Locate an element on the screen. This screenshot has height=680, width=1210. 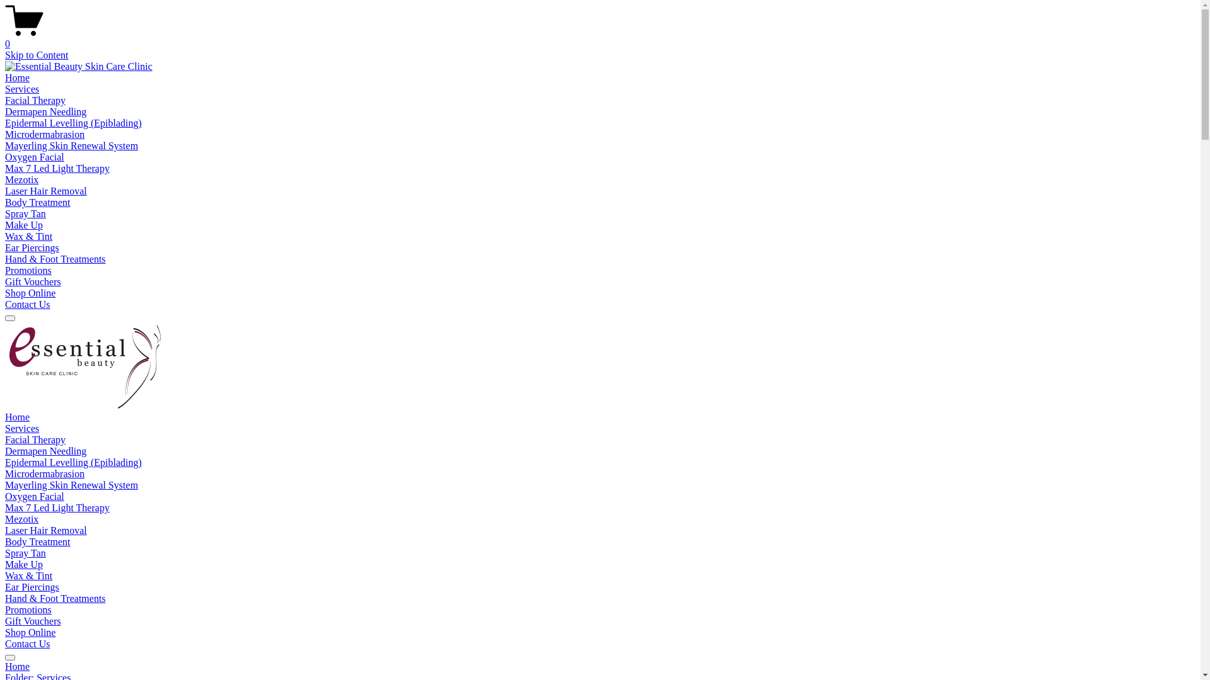
'Ear Piercings' is located at coordinates (32, 587).